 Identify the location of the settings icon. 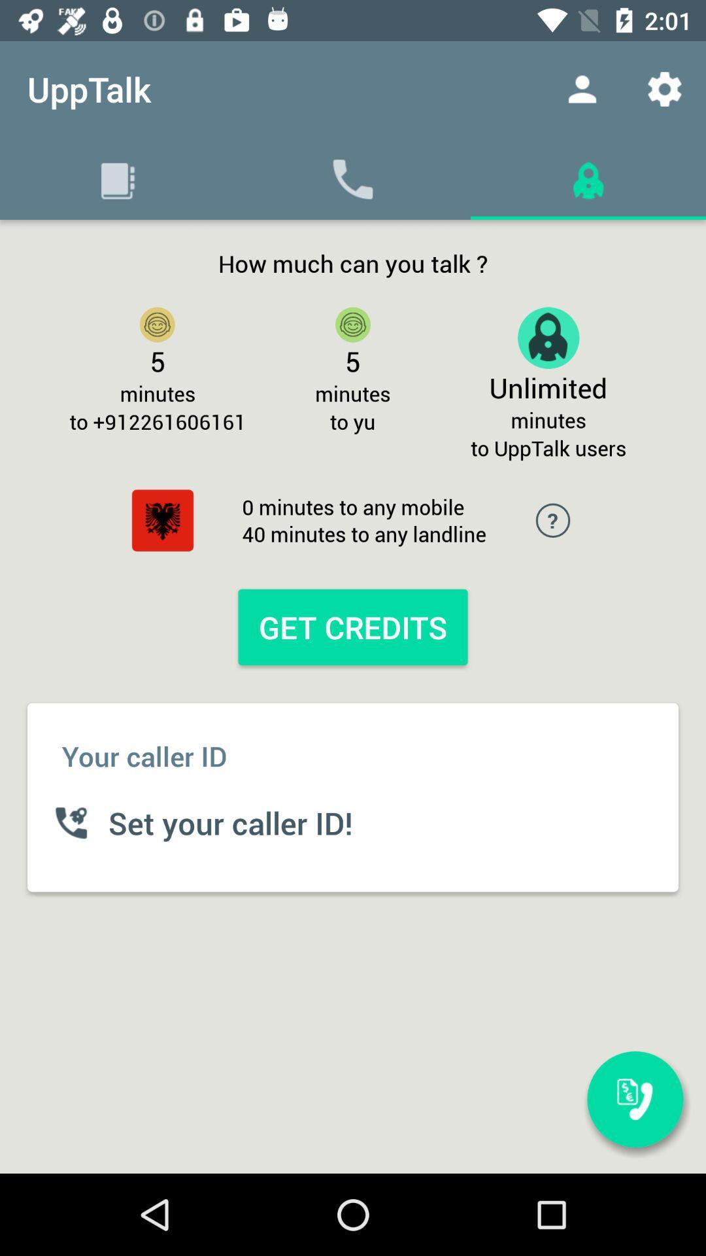
(162, 519).